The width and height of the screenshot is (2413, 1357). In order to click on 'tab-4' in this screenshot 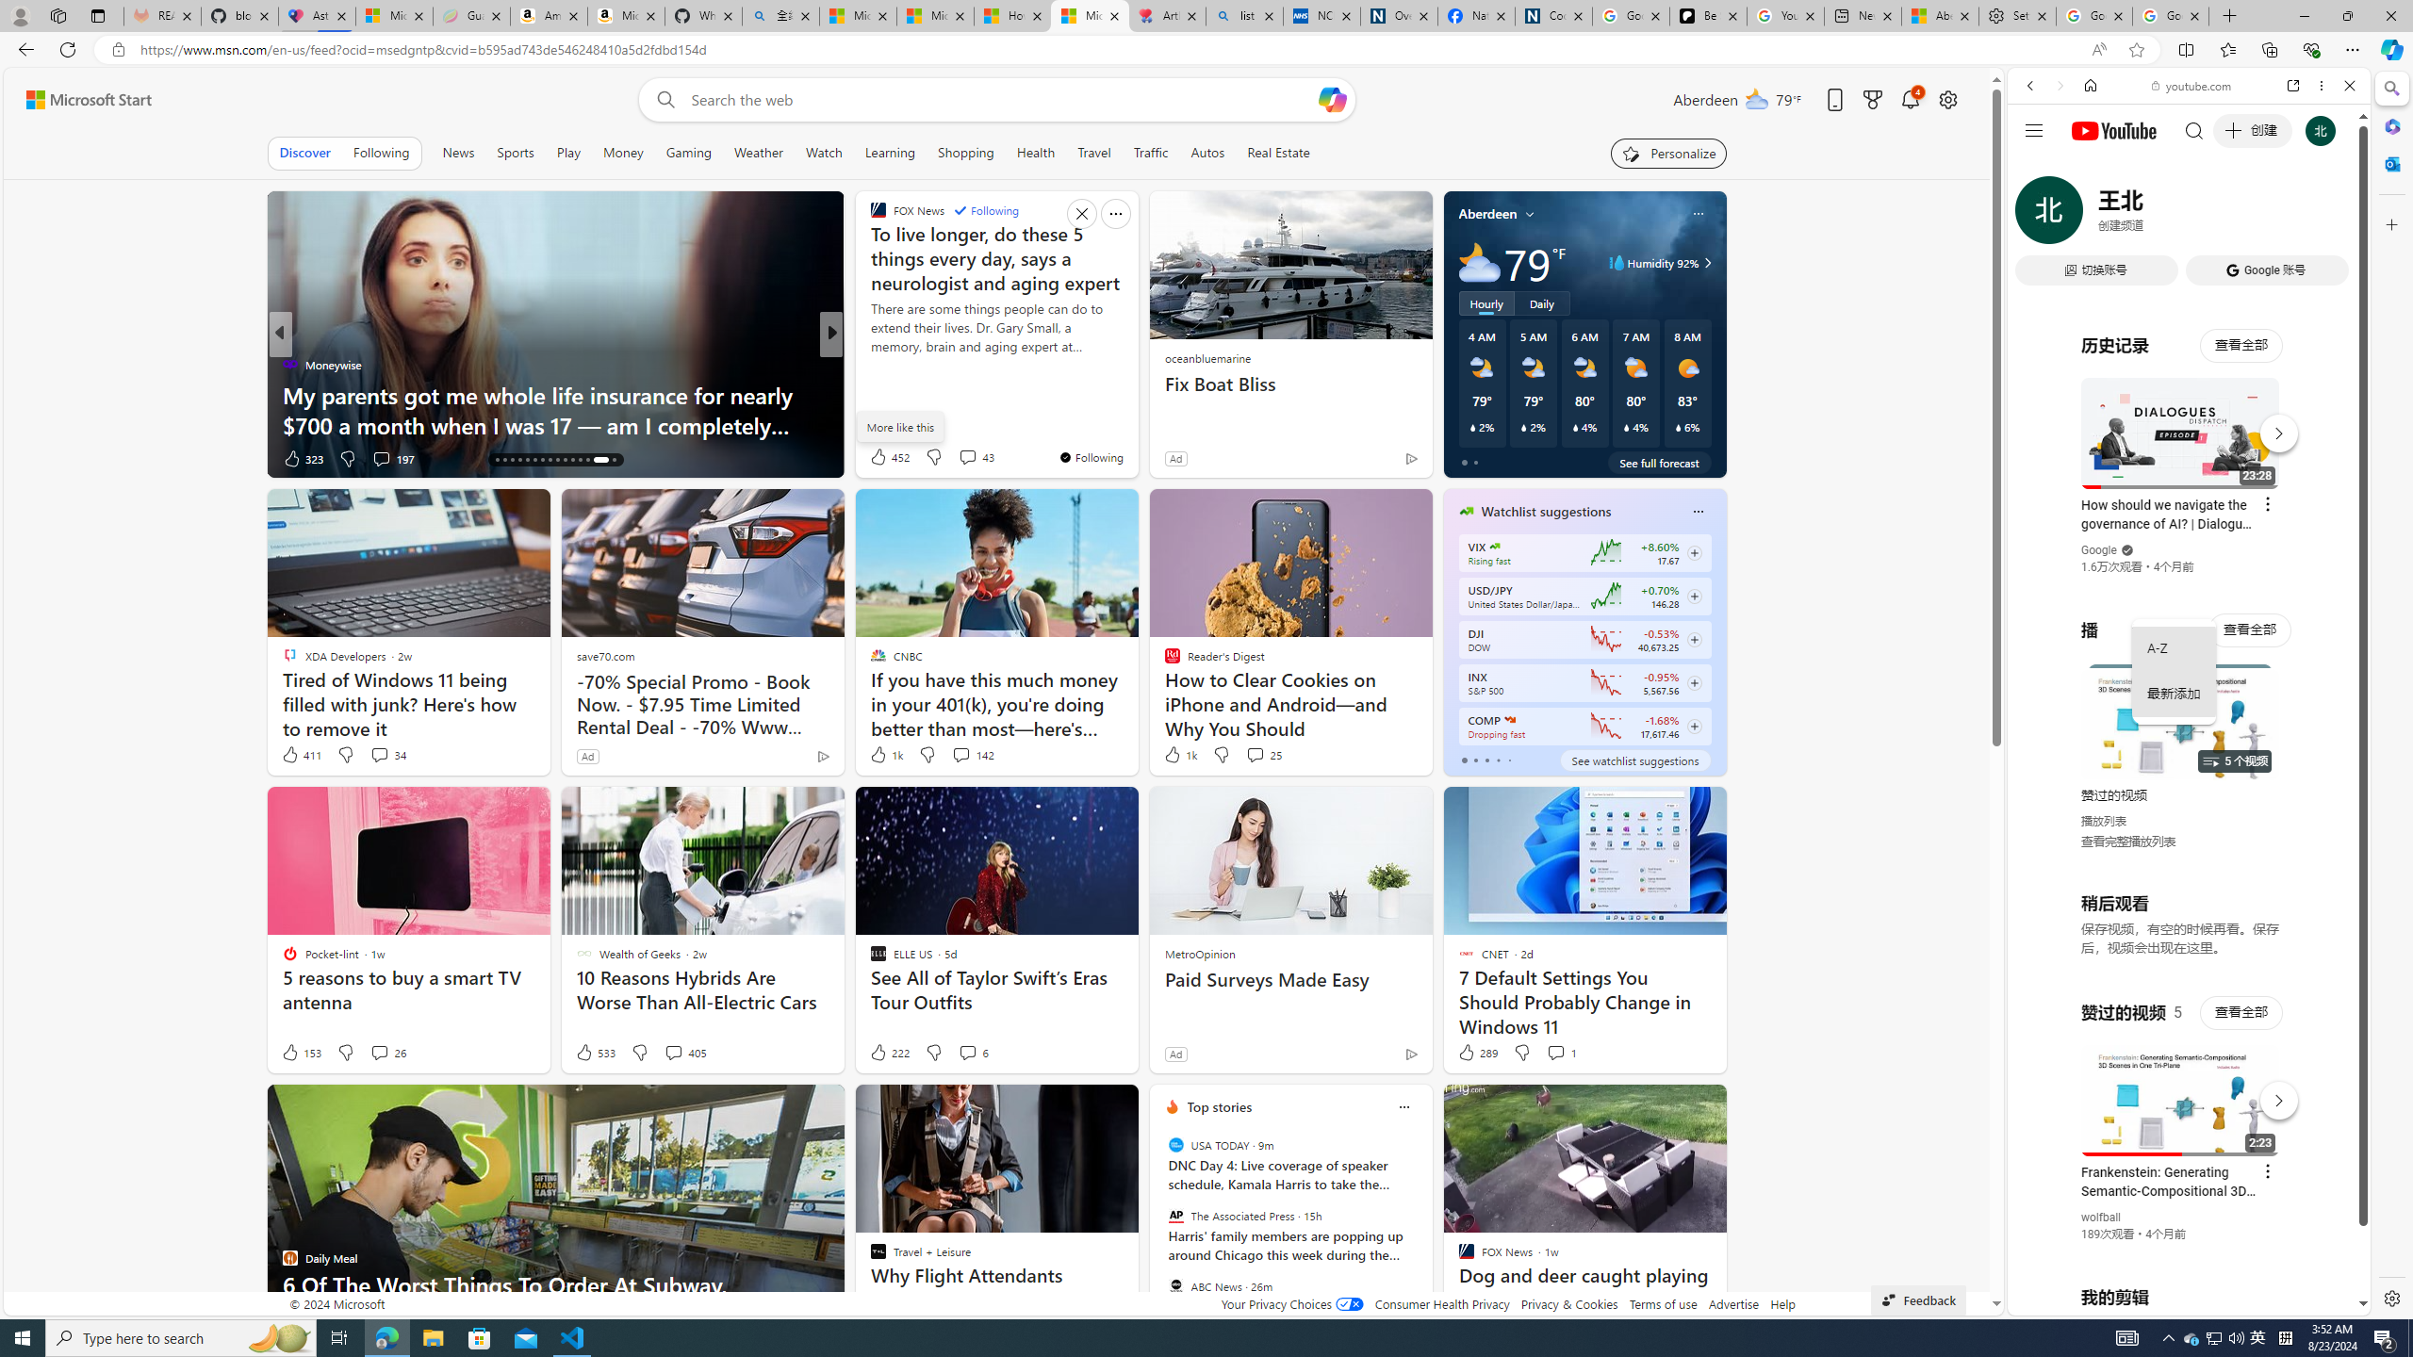, I will do `click(1509, 760)`.